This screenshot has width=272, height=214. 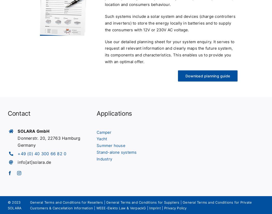 What do you see at coordinates (175, 208) in the screenshot?
I see `'Privacy Policy'` at bounding box center [175, 208].